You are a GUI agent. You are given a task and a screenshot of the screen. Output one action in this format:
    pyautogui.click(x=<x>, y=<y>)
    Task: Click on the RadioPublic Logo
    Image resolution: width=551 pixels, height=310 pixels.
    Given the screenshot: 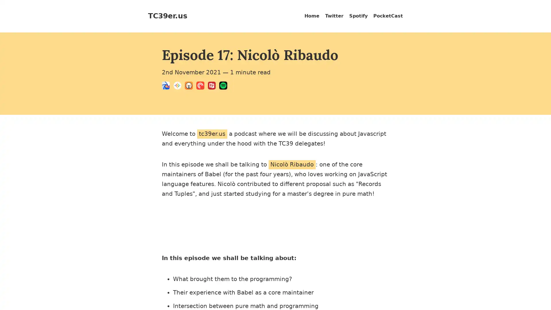 What is the action you would take?
    pyautogui.click(x=213, y=86)
    